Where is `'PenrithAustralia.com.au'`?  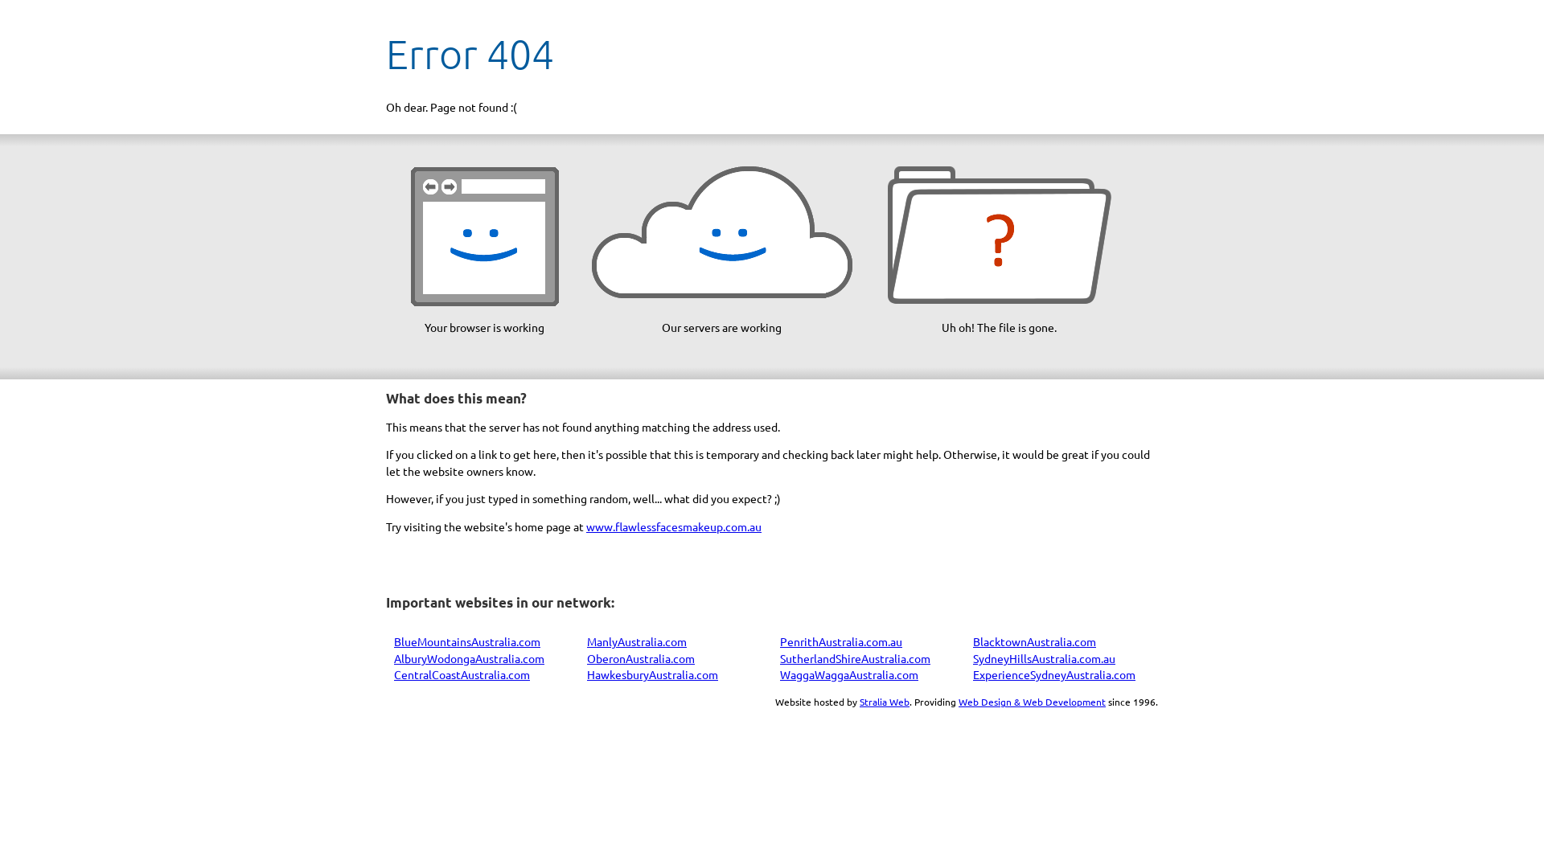 'PenrithAustralia.com.au' is located at coordinates (840, 641).